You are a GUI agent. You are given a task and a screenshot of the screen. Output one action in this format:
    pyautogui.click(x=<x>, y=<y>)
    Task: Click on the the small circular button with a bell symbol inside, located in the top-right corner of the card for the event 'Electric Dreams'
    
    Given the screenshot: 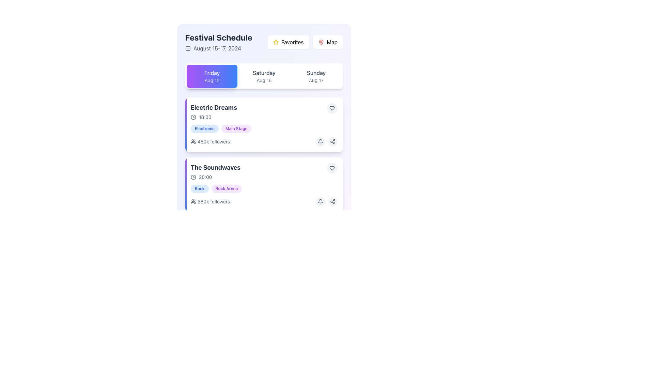 What is the action you would take?
    pyautogui.click(x=320, y=141)
    